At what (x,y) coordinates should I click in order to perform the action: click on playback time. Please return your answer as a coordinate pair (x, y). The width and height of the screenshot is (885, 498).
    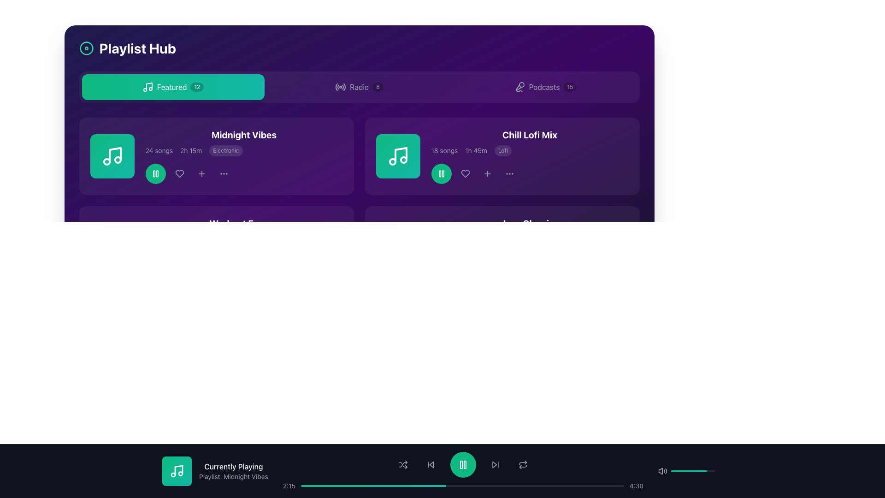
    Looking at the image, I should click on (427, 485).